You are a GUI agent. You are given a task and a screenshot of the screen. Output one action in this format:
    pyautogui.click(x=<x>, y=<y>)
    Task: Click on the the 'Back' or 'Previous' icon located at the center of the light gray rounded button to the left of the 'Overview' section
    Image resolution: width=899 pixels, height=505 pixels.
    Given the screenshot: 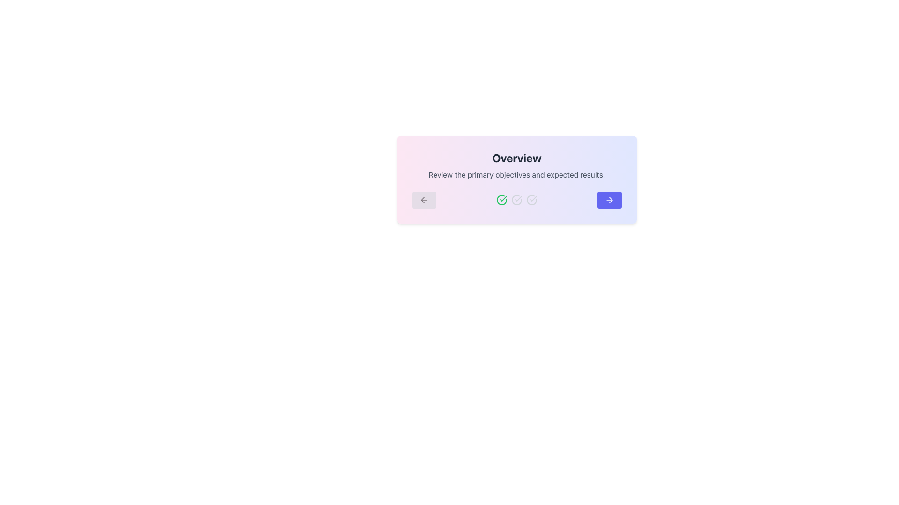 What is the action you would take?
    pyautogui.click(x=424, y=200)
    